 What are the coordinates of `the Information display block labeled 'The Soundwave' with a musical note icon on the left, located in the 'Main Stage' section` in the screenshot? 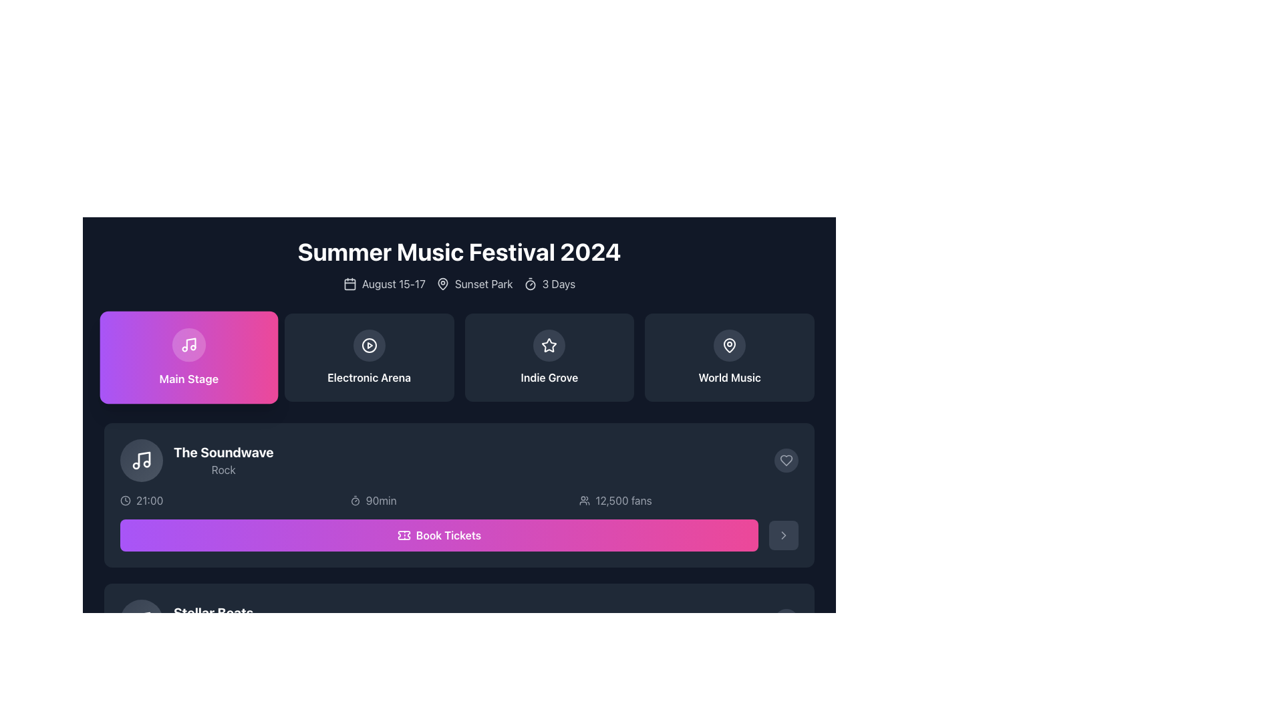 It's located at (196, 460).